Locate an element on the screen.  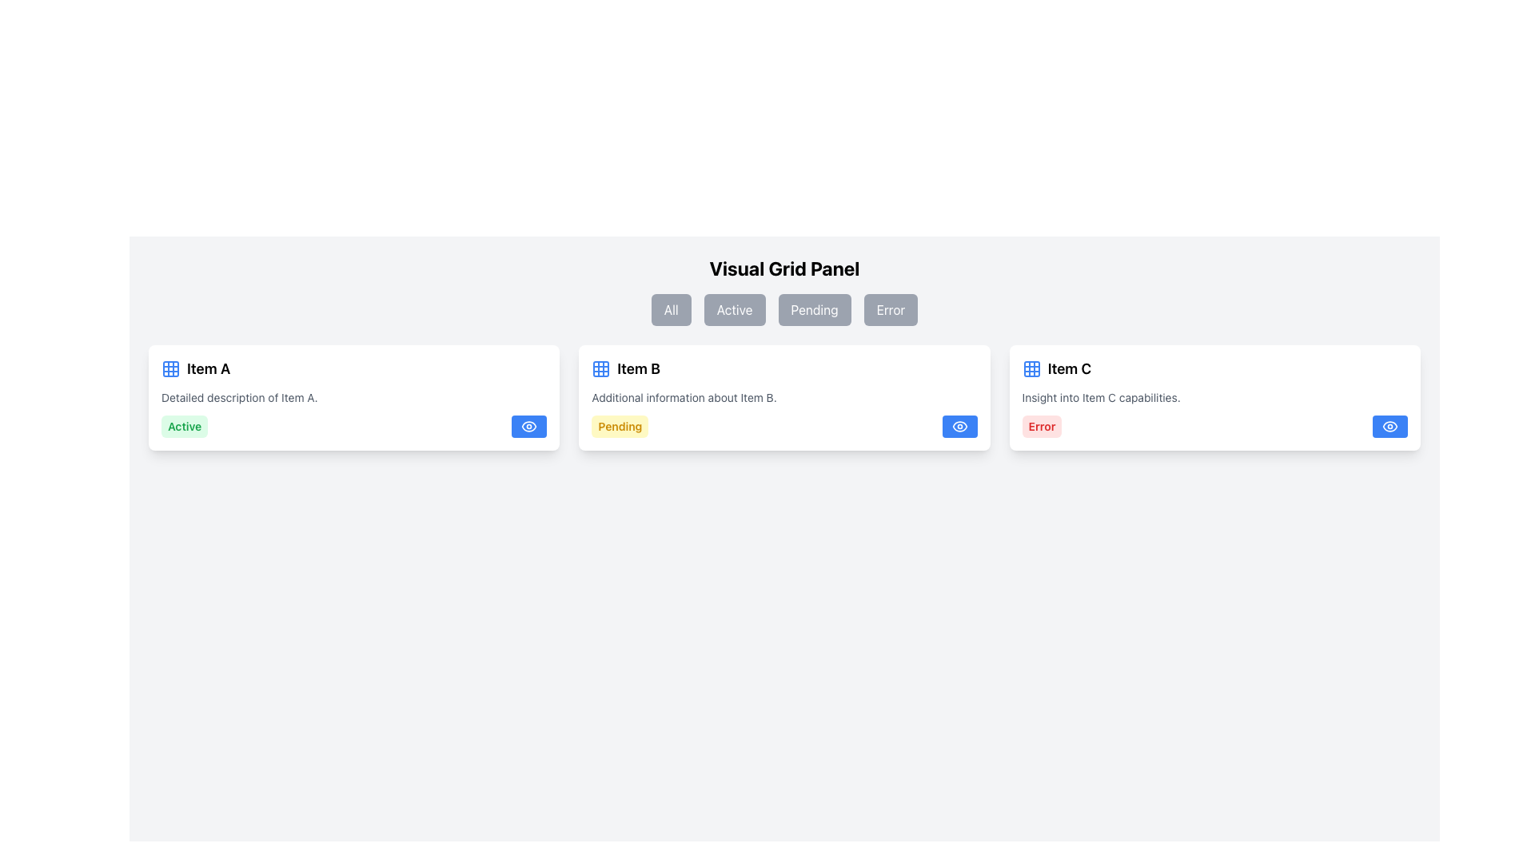
the text string styled in small gray font that reads 'Additional information about Item B.' located in the card for 'Item B', positioned directly below the title 'Item B' is located at coordinates (684, 396).